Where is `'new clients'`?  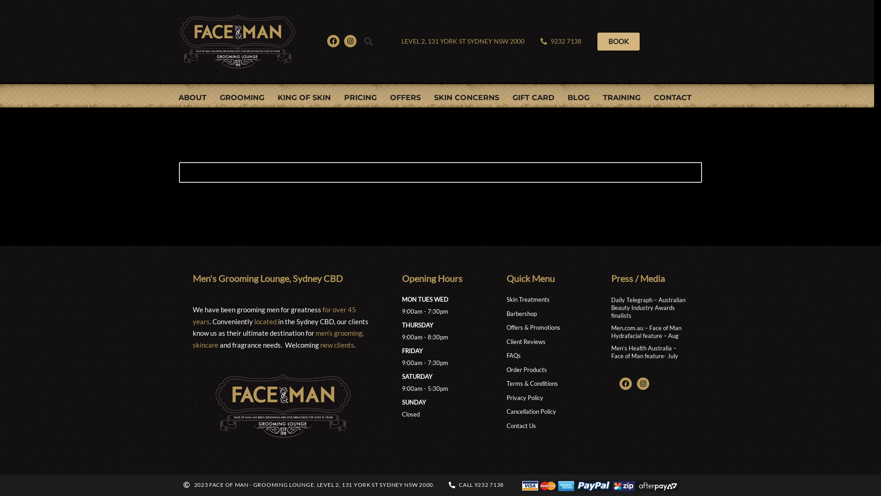 'new clients' is located at coordinates (336, 345).